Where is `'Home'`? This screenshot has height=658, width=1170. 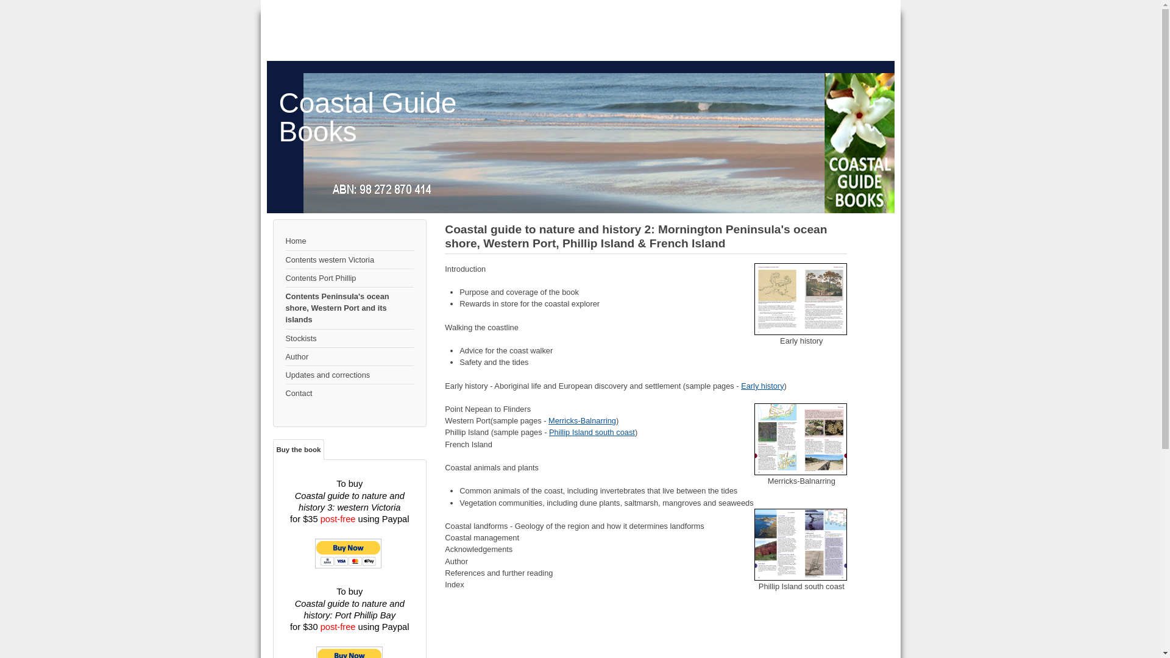 'Home' is located at coordinates (349, 241).